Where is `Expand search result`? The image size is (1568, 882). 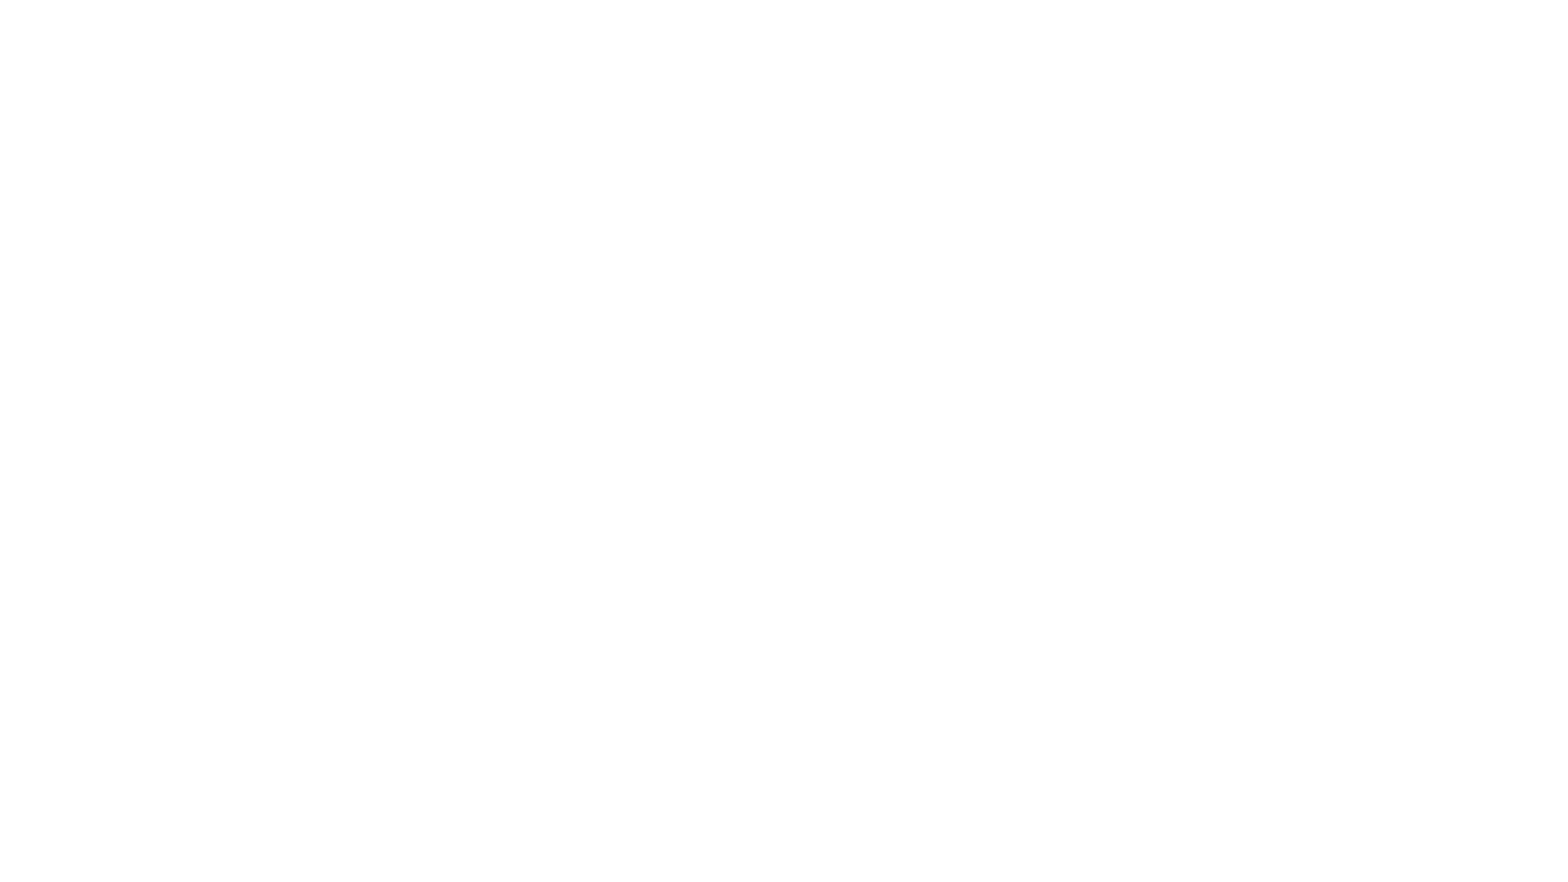
Expand search result is located at coordinates (996, 666).